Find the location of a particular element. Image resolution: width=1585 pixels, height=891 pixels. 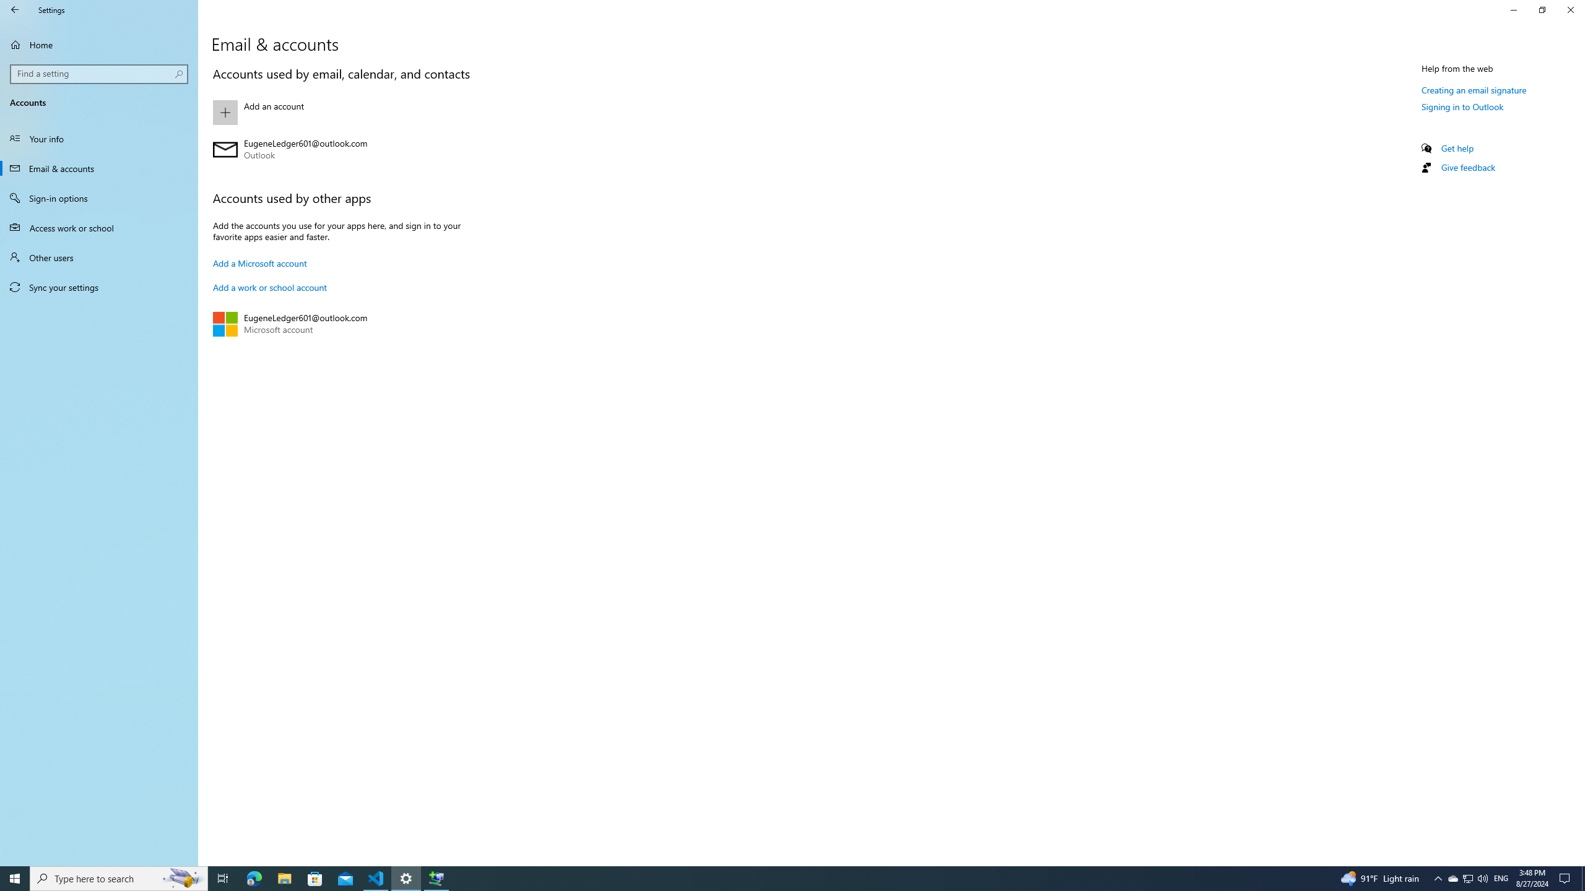

'Creating an email signature' is located at coordinates (1474, 90).